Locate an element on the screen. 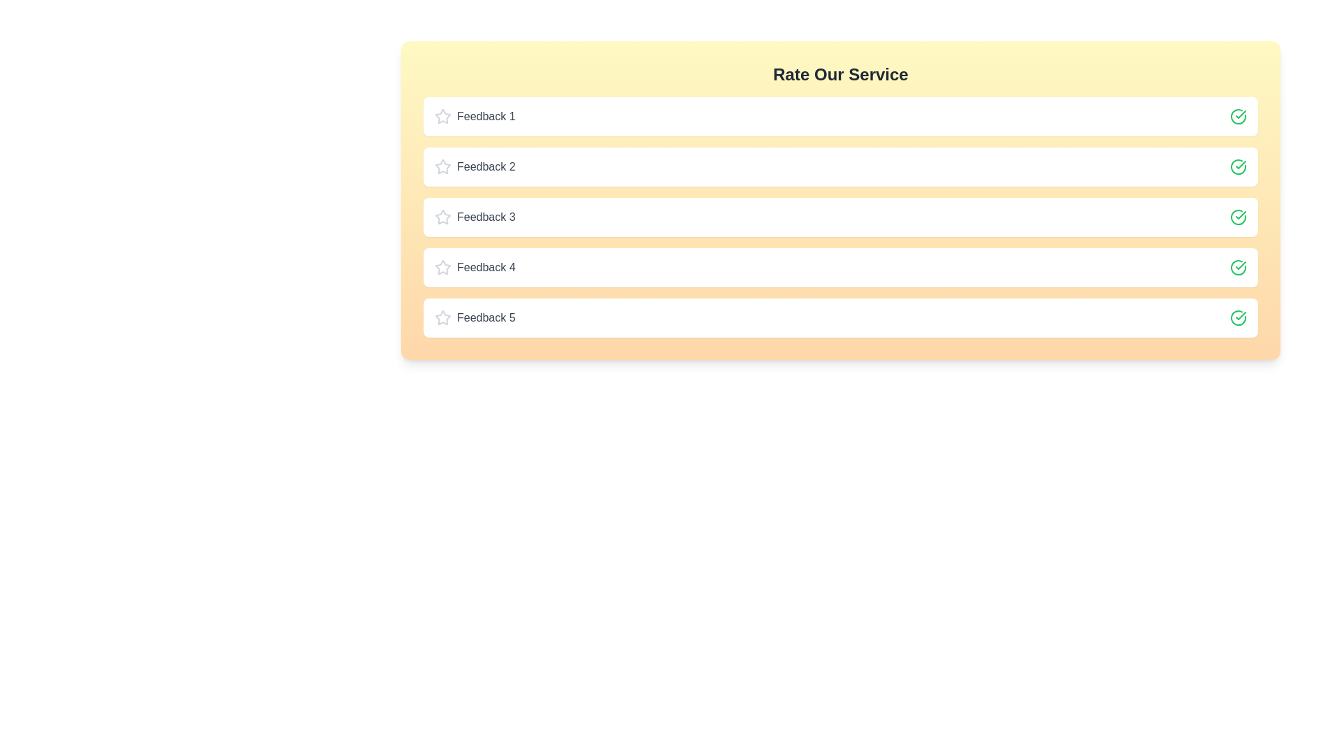 Image resolution: width=1342 pixels, height=755 pixels. the check icon for feedback 2 to toggle its rating is located at coordinates (1238, 166).